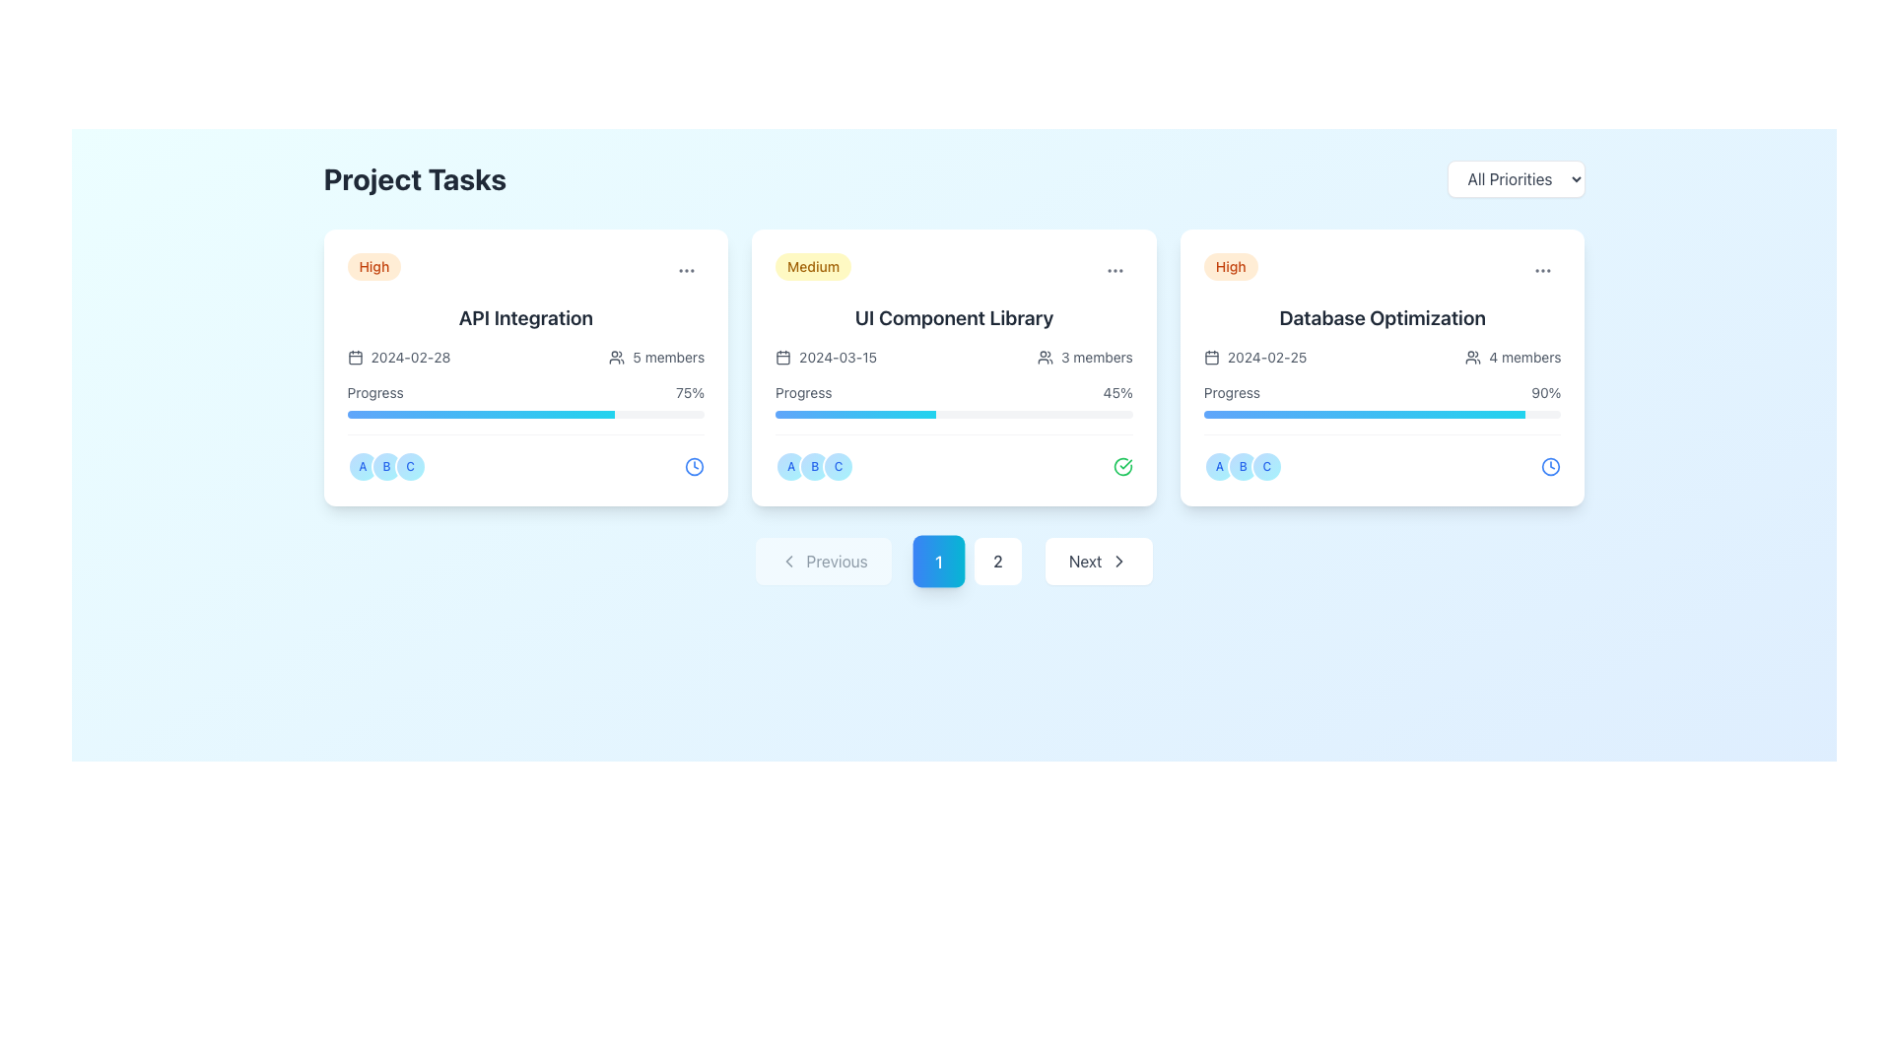 The height and width of the screenshot is (1064, 1892). What do you see at coordinates (782, 357) in the screenshot?
I see `the calendar icon located to the left of the date '2024-03-15' in the middle project card` at bounding box center [782, 357].